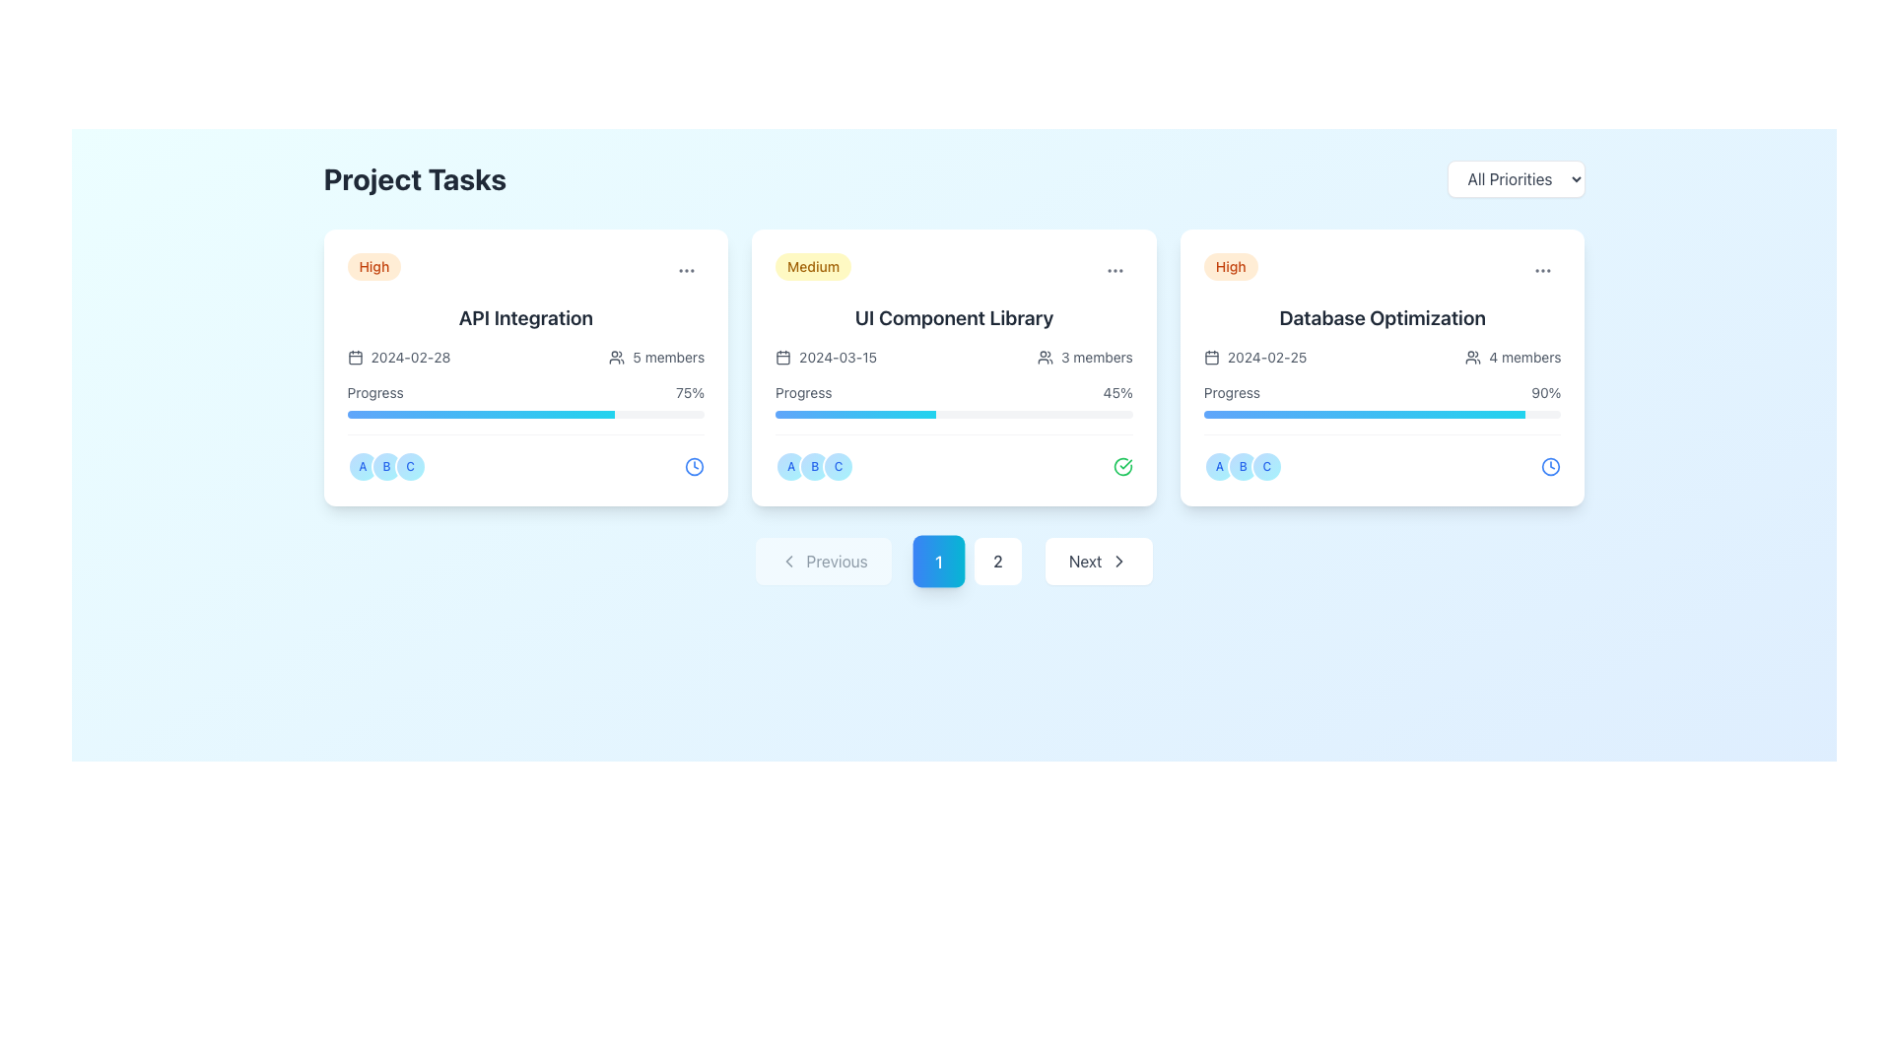 The height and width of the screenshot is (1064, 1892). What do you see at coordinates (782, 357) in the screenshot?
I see `the calendar icon located to the left of the date '2024-03-15' in the middle project card` at bounding box center [782, 357].